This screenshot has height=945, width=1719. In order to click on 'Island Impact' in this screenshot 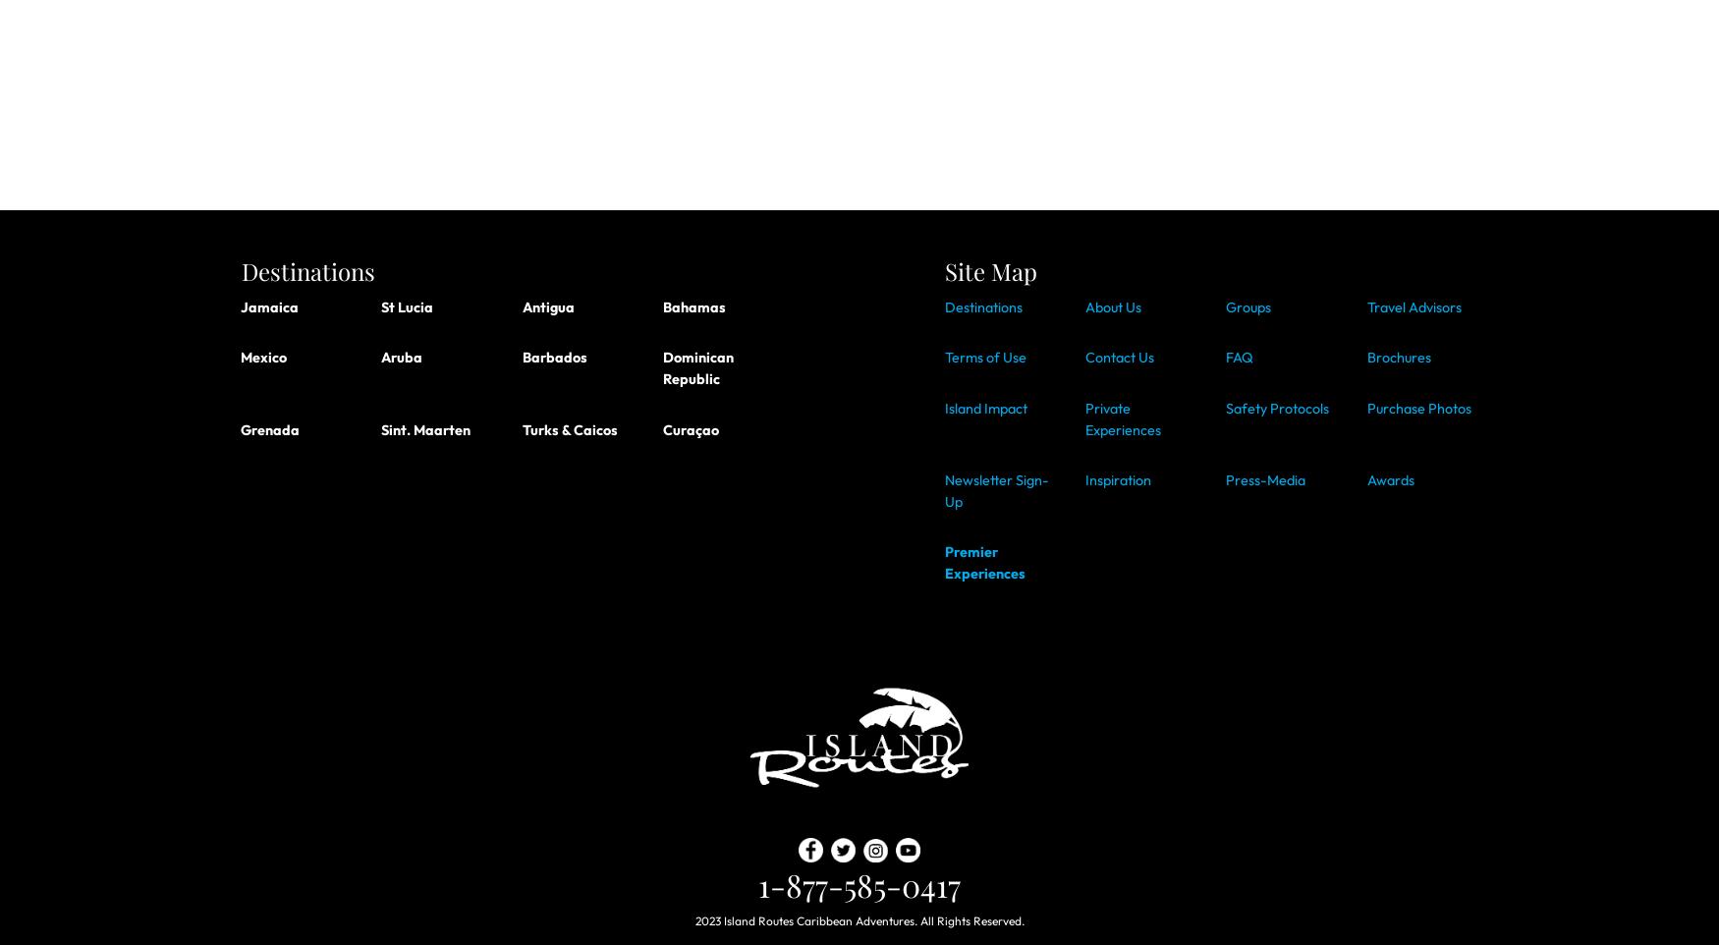, I will do `click(983, 407)`.